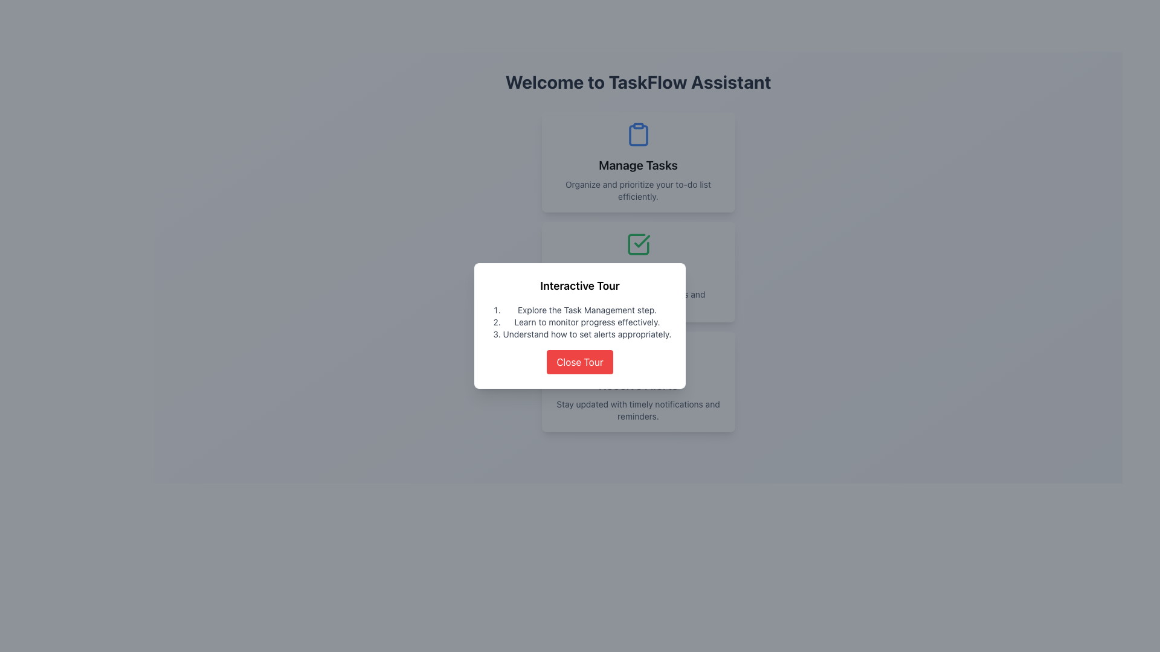 The width and height of the screenshot is (1160, 652). What do you see at coordinates (637, 245) in the screenshot?
I see `the icon indicating completion or progress associated with the 'Track Progress' card, which is located at the top of the card centered above the textual content` at bounding box center [637, 245].